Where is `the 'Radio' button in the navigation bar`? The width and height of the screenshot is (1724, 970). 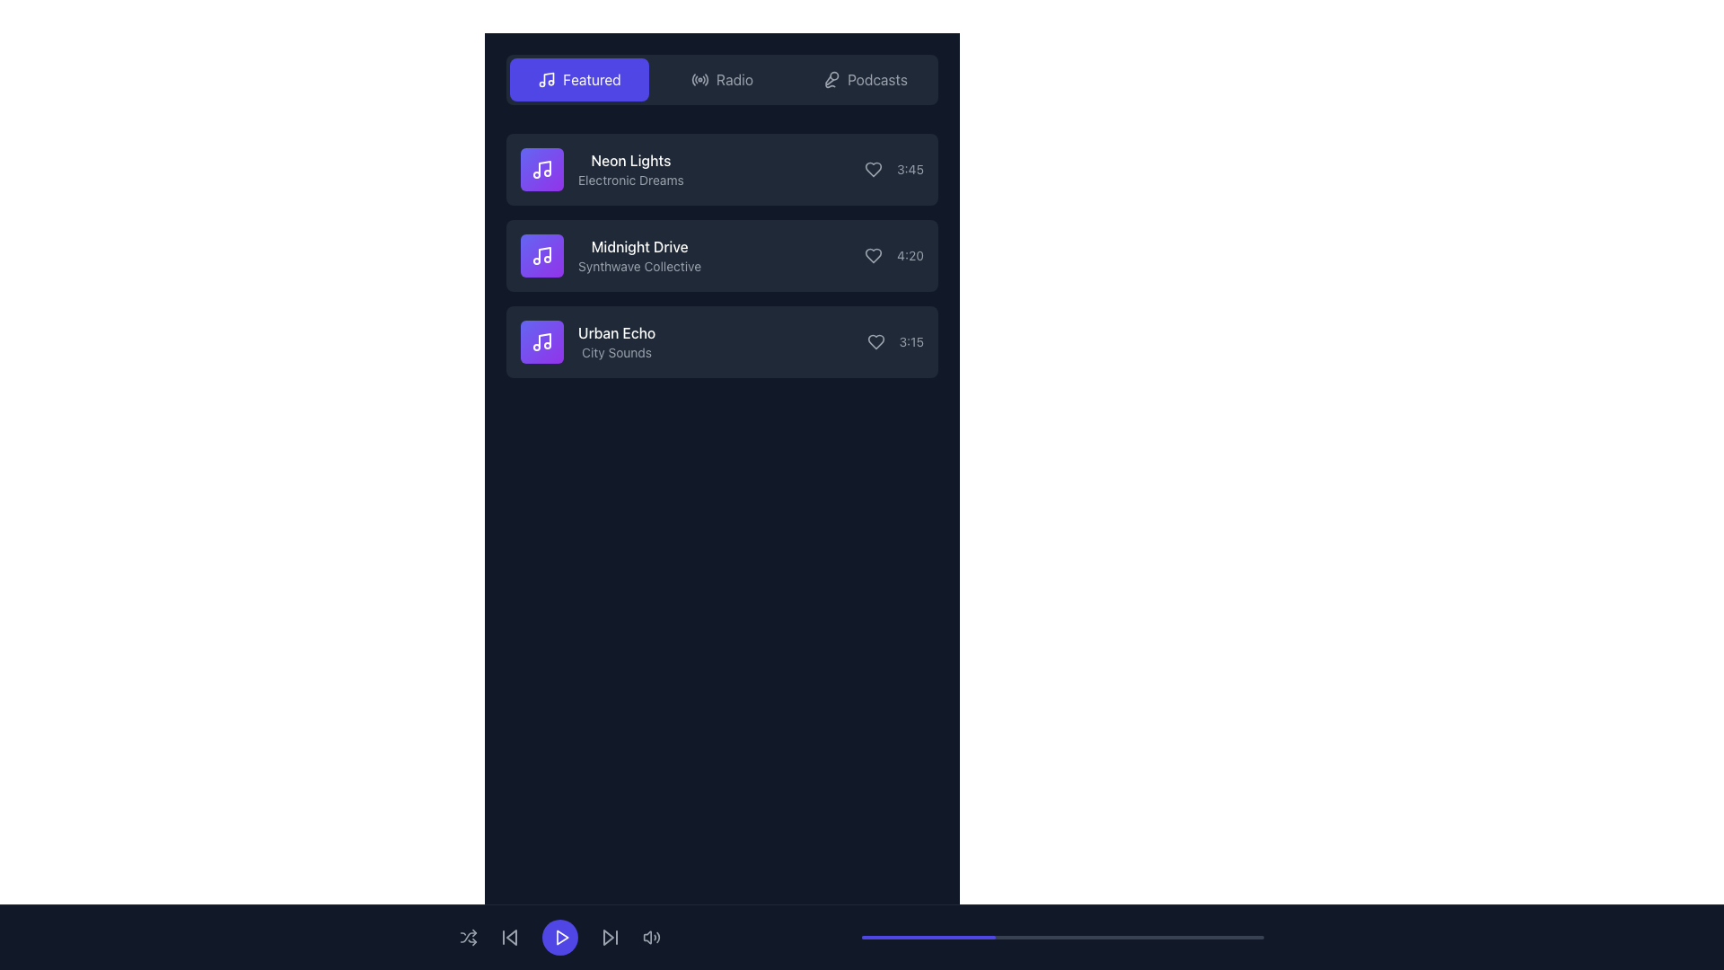 the 'Radio' button in the navigation bar is located at coordinates (722, 78).